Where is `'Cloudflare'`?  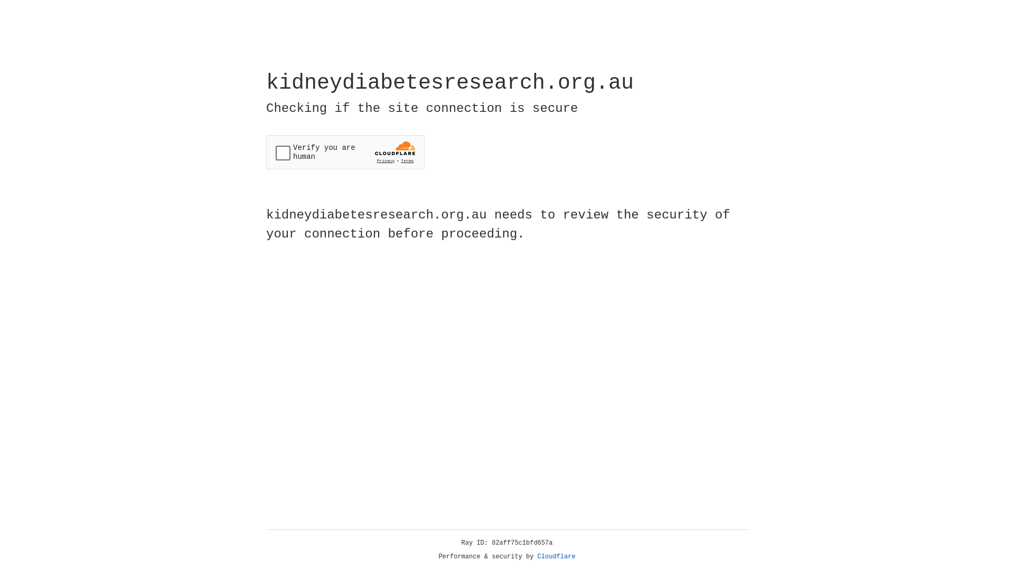 'Cloudflare' is located at coordinates (556, 556).